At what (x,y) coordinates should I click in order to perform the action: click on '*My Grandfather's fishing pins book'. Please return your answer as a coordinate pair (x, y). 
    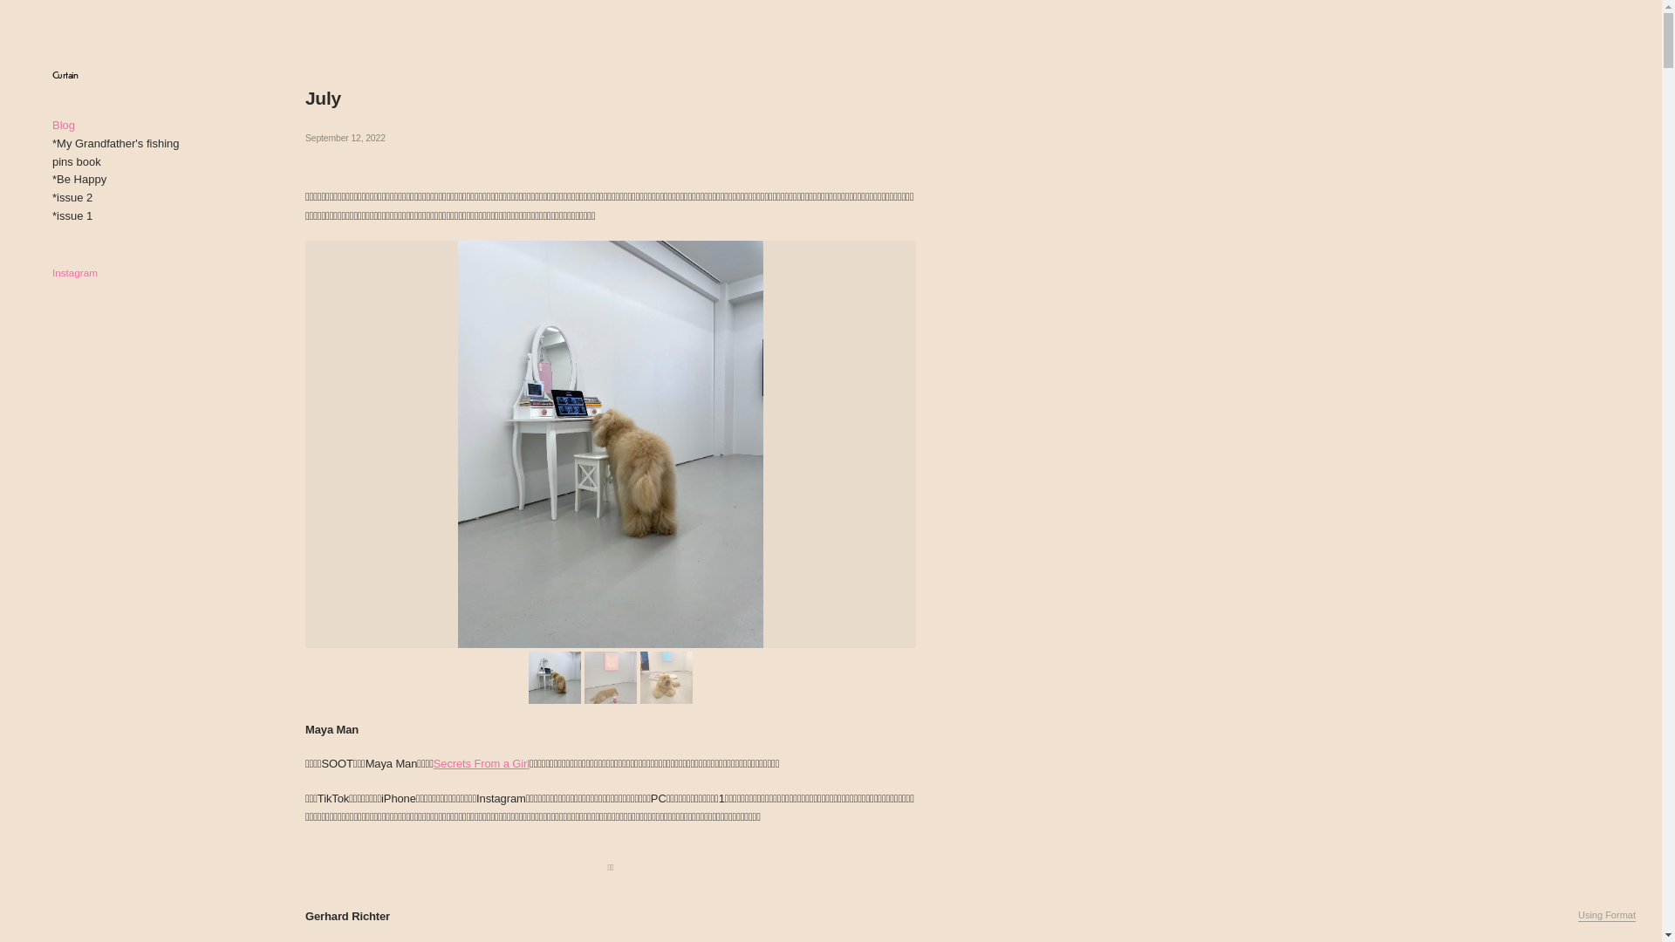
    Looking at the image, I should click on (115, 151).